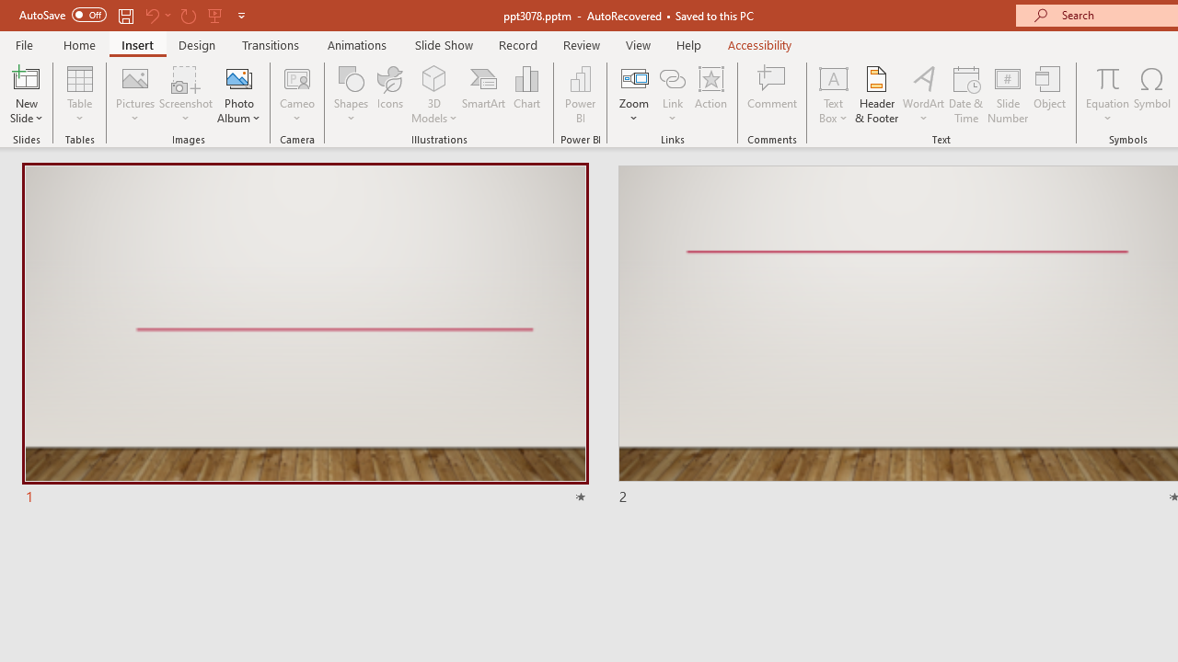 Image resolution: width=1178 pixels, height=662 pixels. Describe the element at coordinates (772, 95) in the screenshot. I see `'Comment'` at that location.